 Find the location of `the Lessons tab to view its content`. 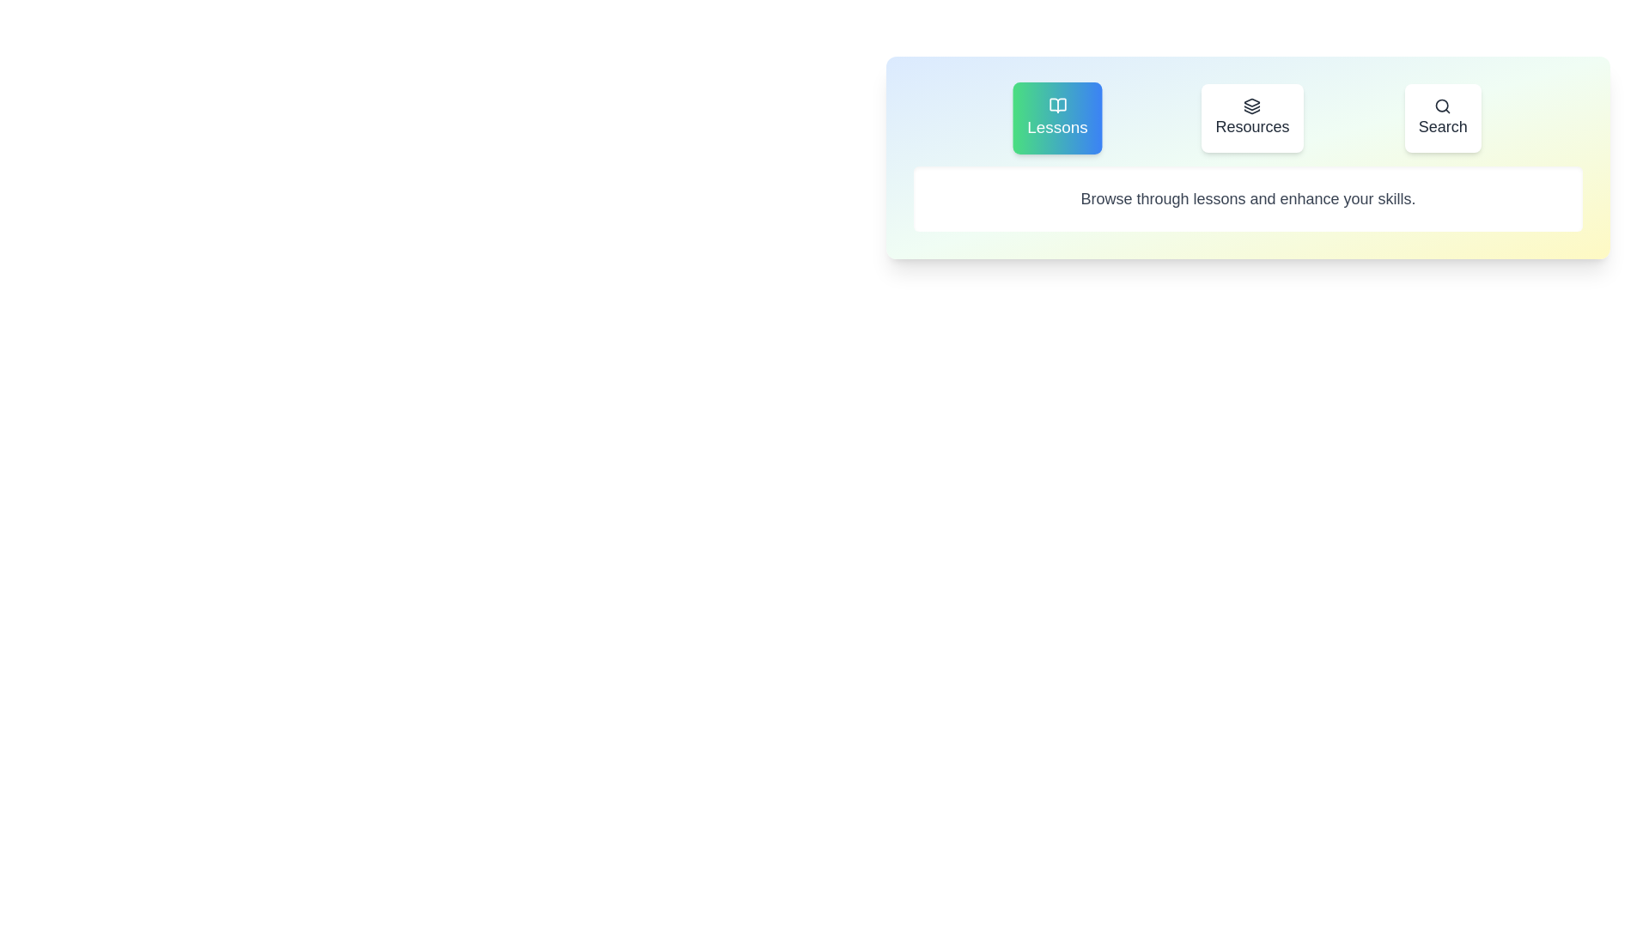

the Lessons tab to view its content is located at coordinates (1056, 118).